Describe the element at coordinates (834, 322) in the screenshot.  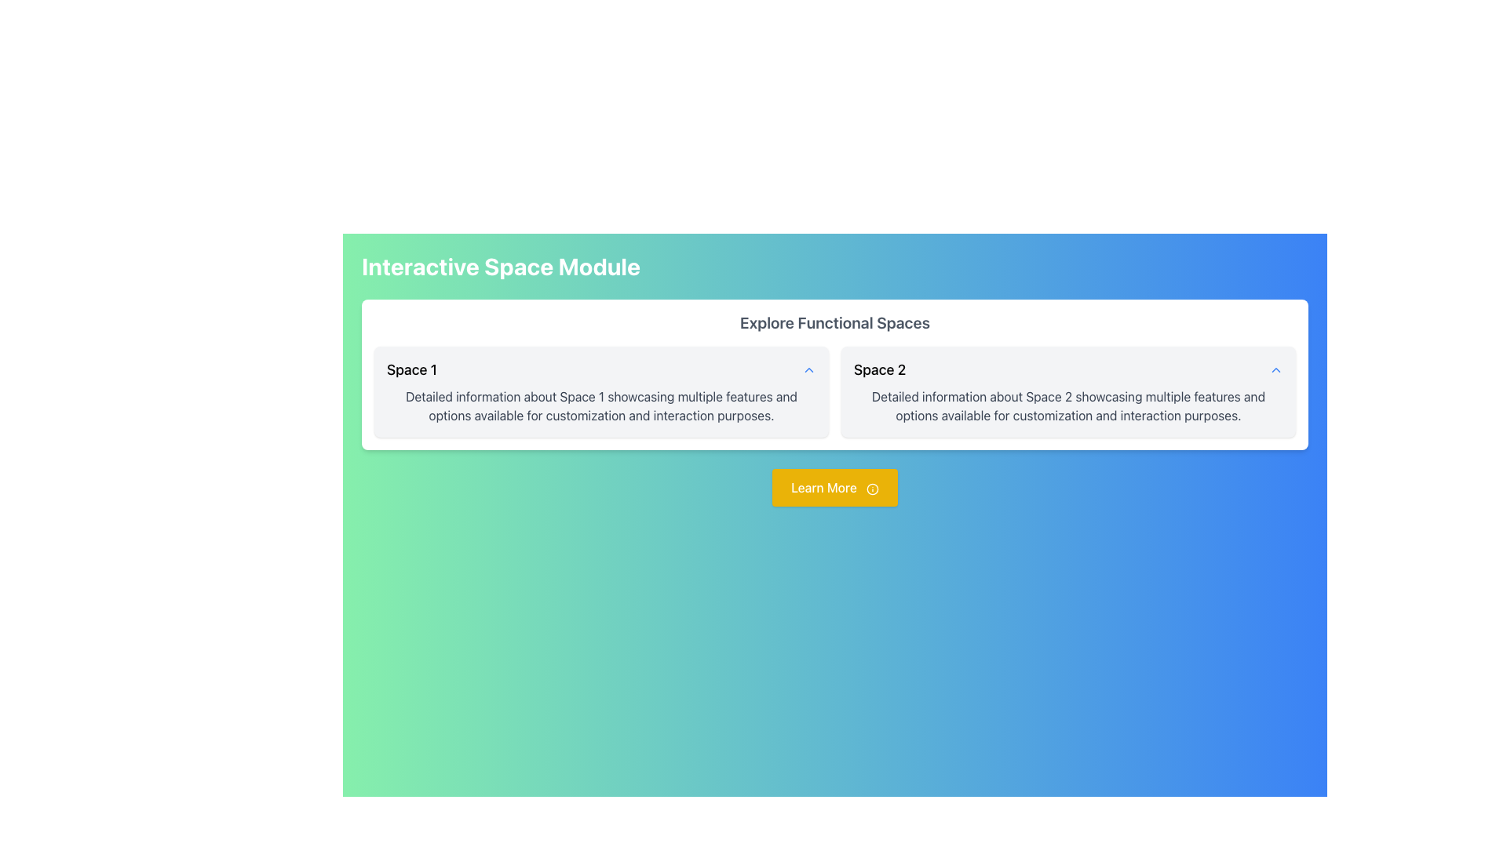
I see `the text label that displays 'Explore Functional Spaces', which is centrally aligned at the top of the layout above the 'Space 1' and 'Space 2' cards` at that location.